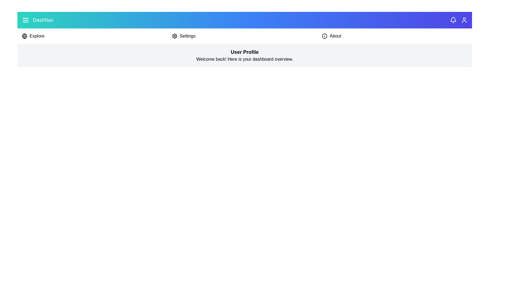 This screenshot has height=298, width=530. I want to click on the menu_button to see its interactive state, so click(25, 20).